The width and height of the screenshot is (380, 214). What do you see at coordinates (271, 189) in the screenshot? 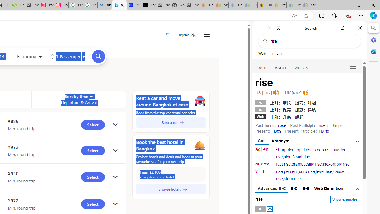
I see `'Advanced E-C'` at bounding box center [271, 189].